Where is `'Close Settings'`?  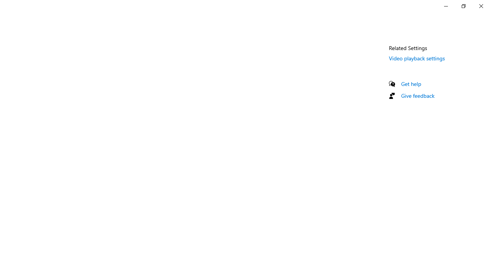 'Close Settings' is located at coordinates (480, 6).